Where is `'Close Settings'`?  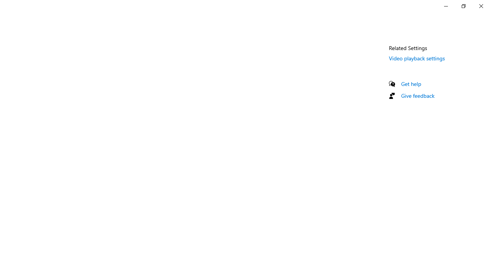 'Close Settings' is located at coordinates (480, 6).